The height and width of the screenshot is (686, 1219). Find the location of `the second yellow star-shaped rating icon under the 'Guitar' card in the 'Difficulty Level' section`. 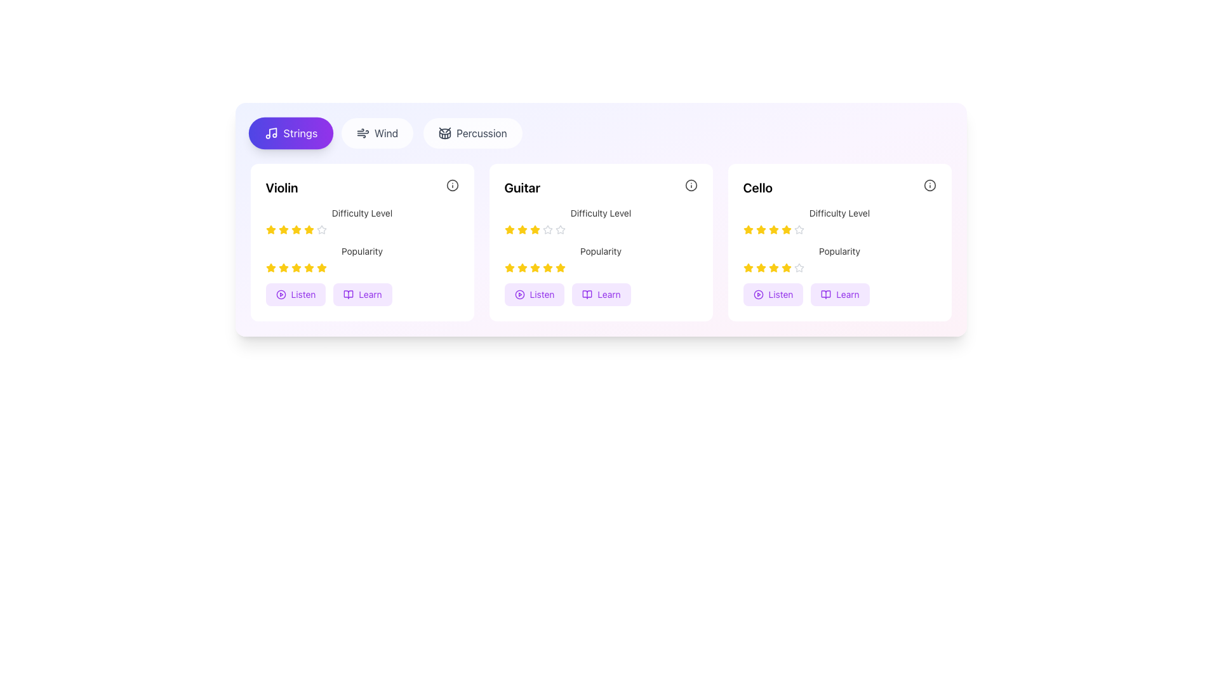

the second yellow star-shaped rating icon under the 'Guitar' card in the 'Difficulty Level' section is located at coordinates (522, 230).